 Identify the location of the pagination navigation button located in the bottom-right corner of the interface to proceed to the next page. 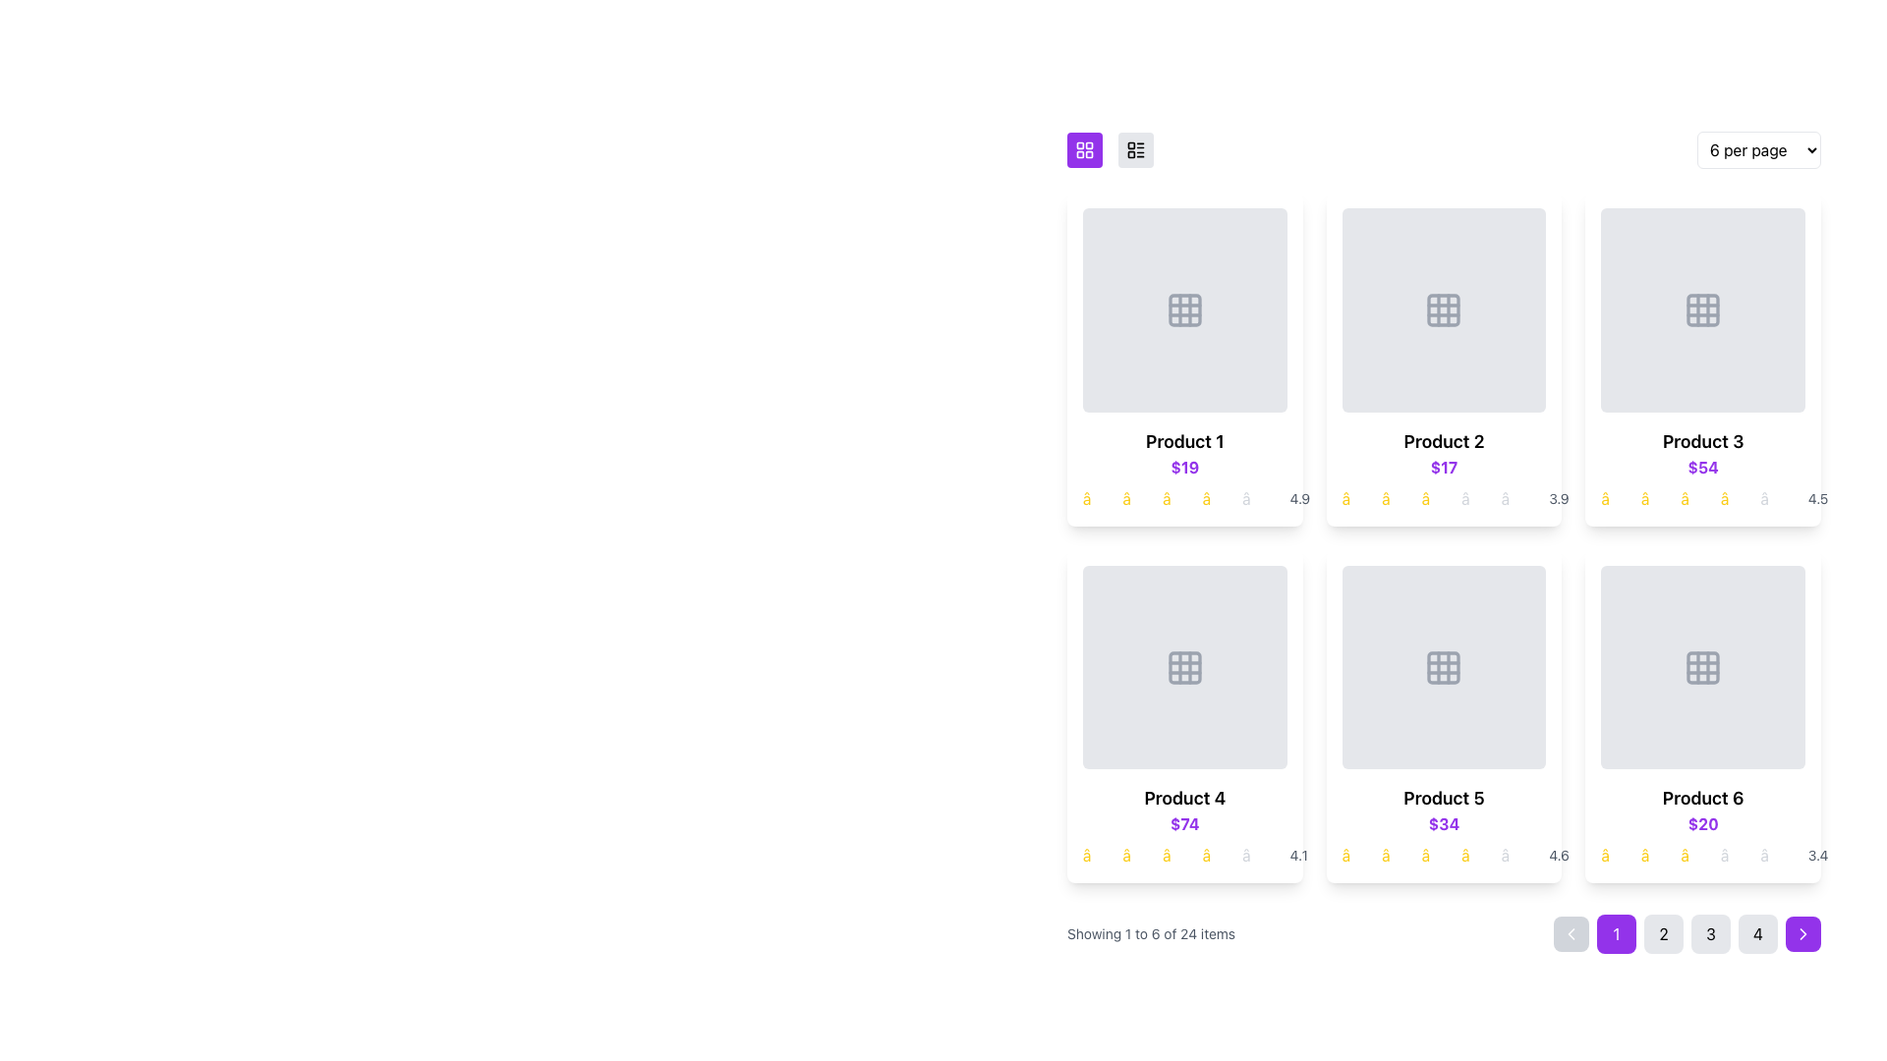
(1802, 933).